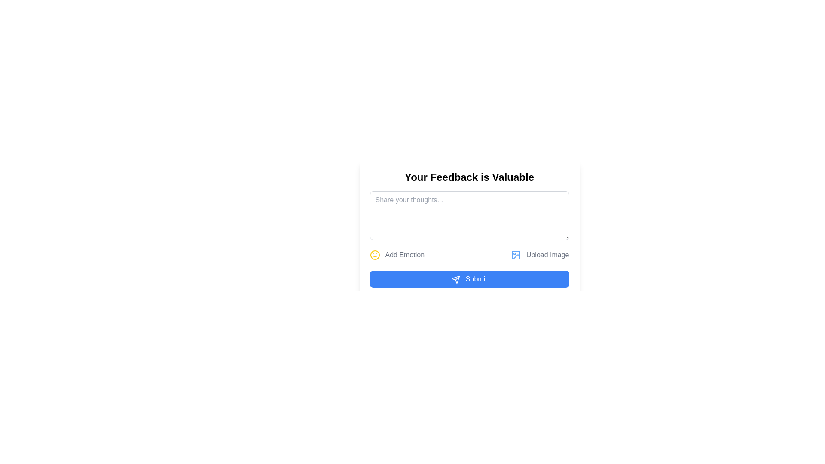 The height and width of the screenshot is (464, 825). I want to click on the icon button located to the right of the 'Add Emotion' button to initiate the image upload process, so click(516, 255).